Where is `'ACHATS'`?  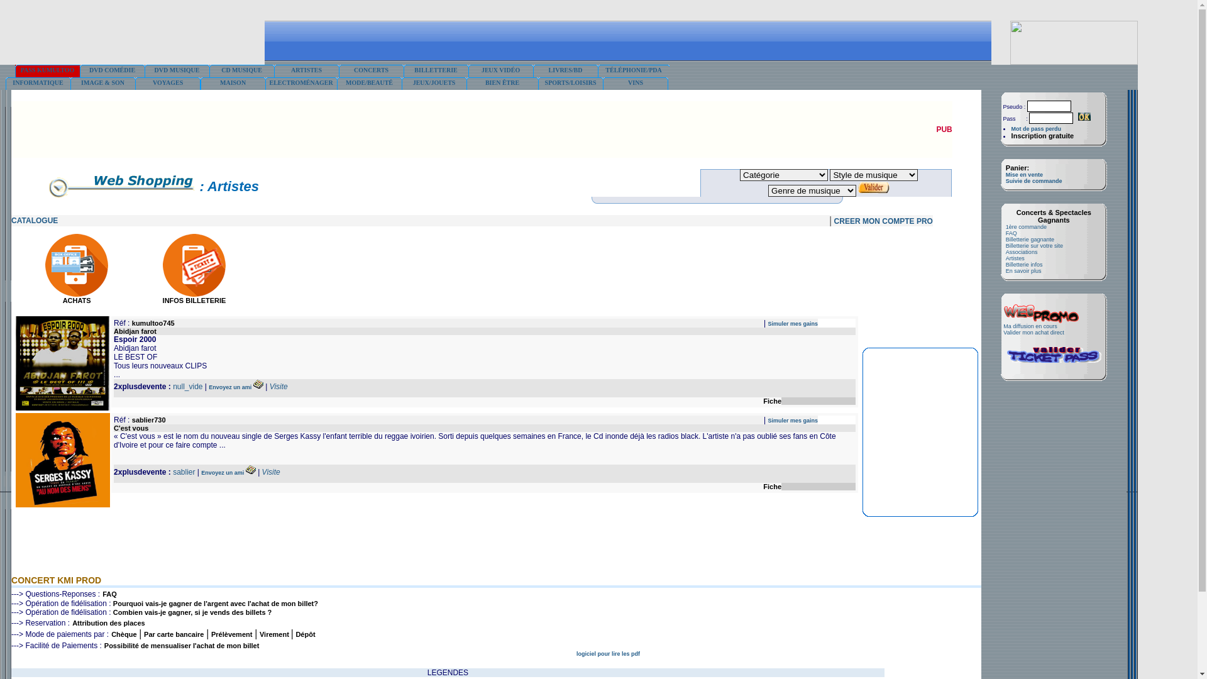 'ACHATS' is located at coordinates (75, 297).